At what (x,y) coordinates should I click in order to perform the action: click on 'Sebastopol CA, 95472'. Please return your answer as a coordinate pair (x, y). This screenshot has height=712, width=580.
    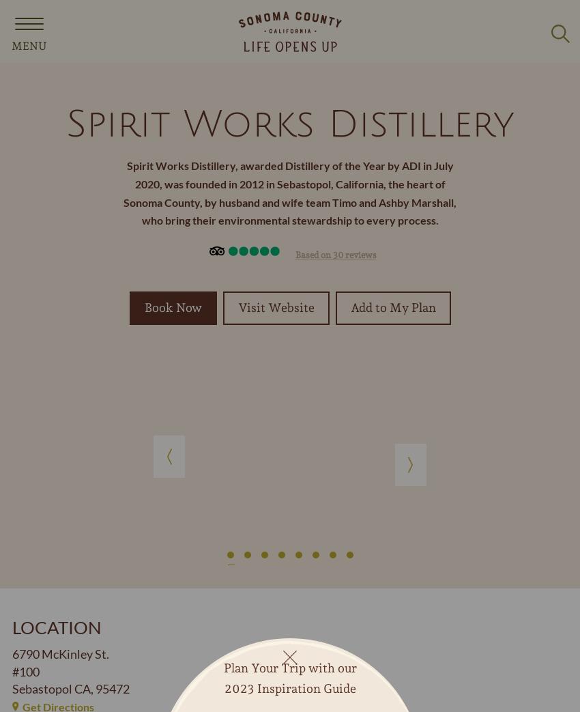
    Looking at the image, I should click on (70, 688).